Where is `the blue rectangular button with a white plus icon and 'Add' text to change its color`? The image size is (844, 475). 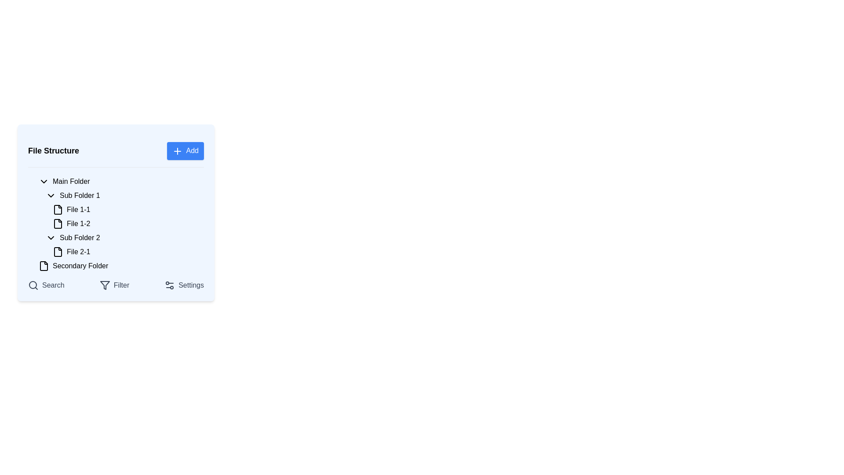
the blue rectangular button with a white plus icon and 'Add' text to change its color is located at coordinates (185, 150).